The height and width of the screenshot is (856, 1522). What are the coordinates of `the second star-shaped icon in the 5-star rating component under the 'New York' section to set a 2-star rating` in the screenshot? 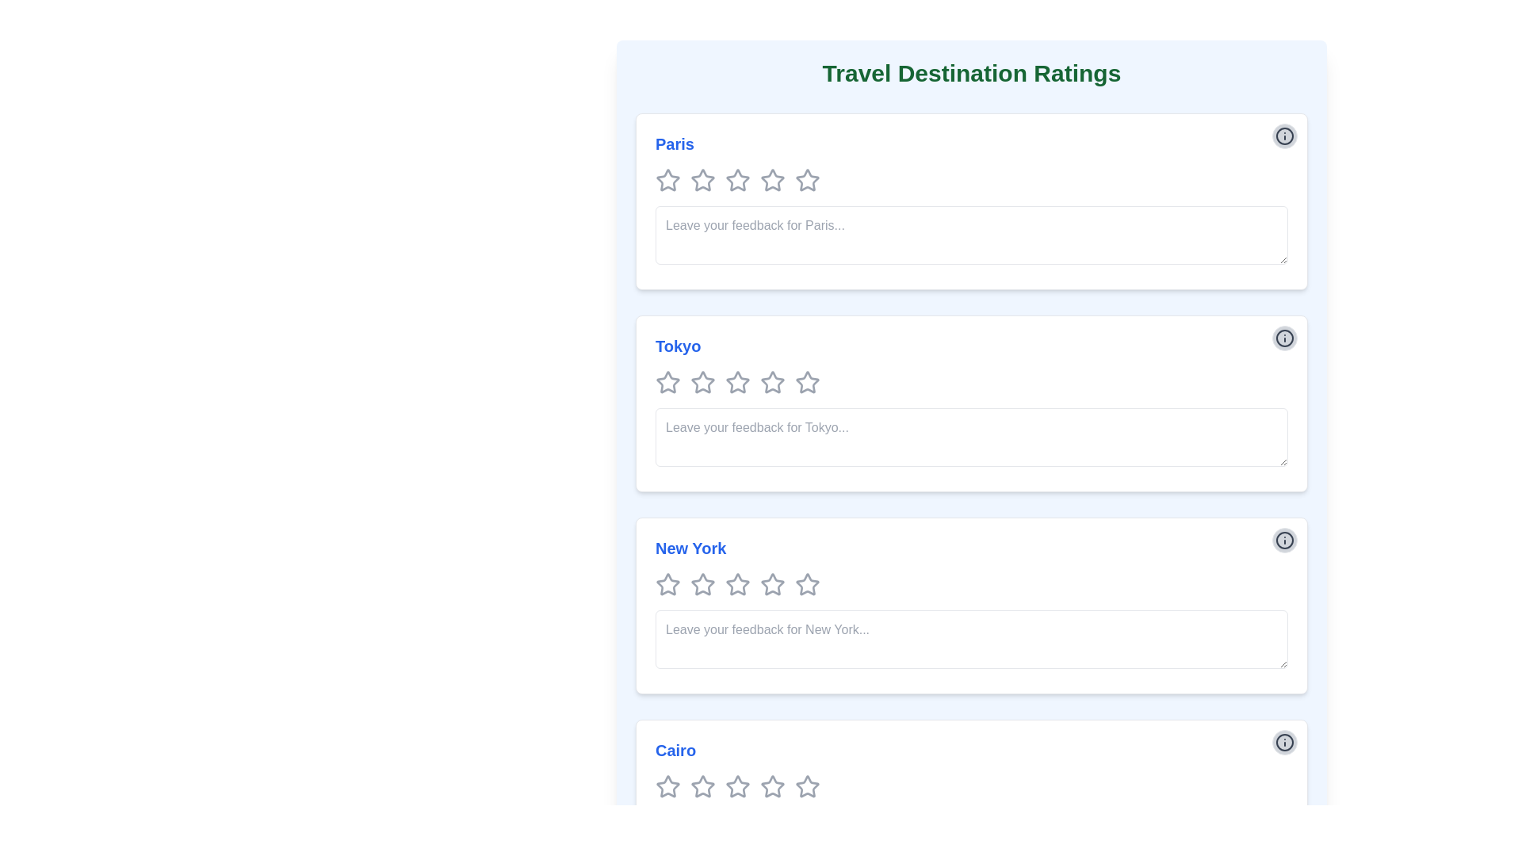 It's located at (702, 584).